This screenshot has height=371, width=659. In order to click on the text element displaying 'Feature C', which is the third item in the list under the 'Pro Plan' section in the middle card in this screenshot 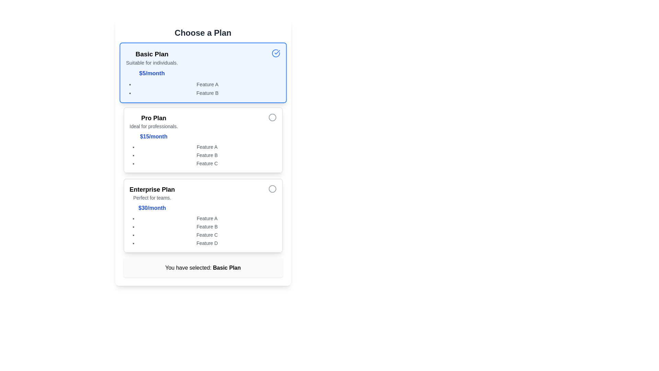, I will do `click(207, 163)`.